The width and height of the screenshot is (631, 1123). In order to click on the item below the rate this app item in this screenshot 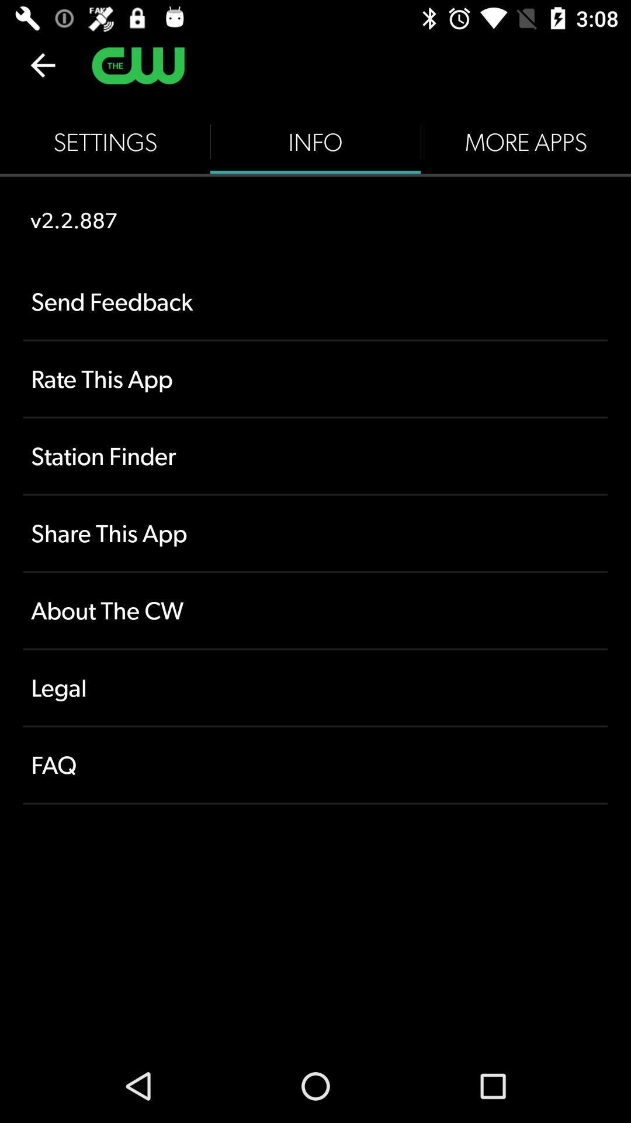, I will do `click(315, 455)`.